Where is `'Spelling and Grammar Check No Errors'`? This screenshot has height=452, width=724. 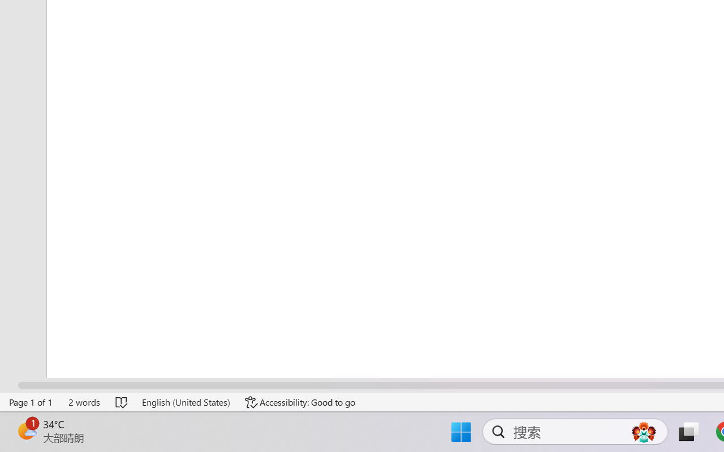
'Spelling and Grammar Check No Errors' is located at coordinates (122, 402).